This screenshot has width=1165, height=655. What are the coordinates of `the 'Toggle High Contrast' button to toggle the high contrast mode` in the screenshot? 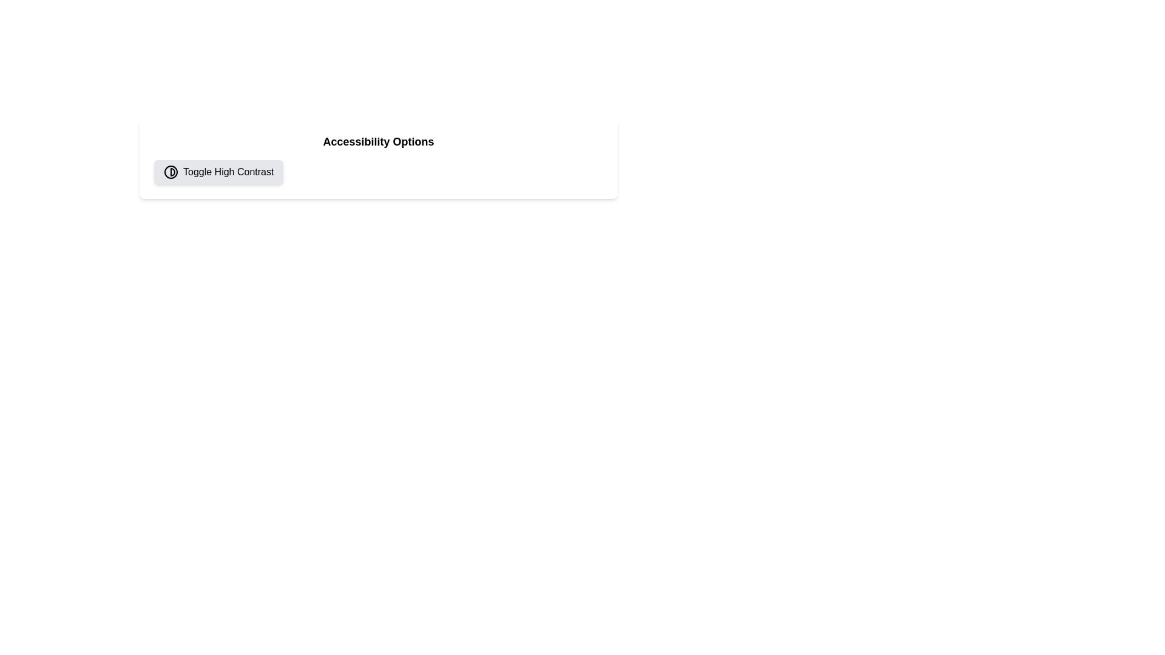 It's located at (218, 172).